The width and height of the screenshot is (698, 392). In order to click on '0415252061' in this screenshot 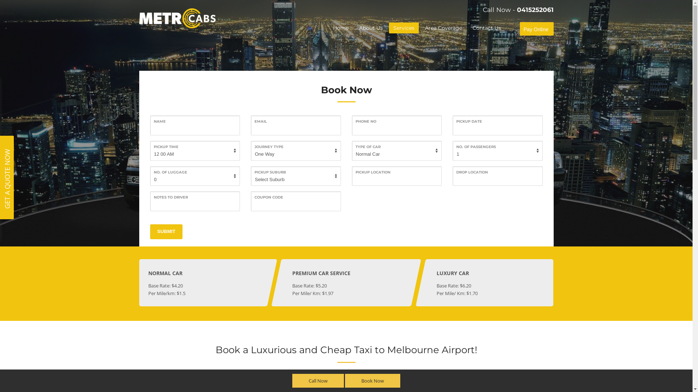, I will do `click(535, 9)`.